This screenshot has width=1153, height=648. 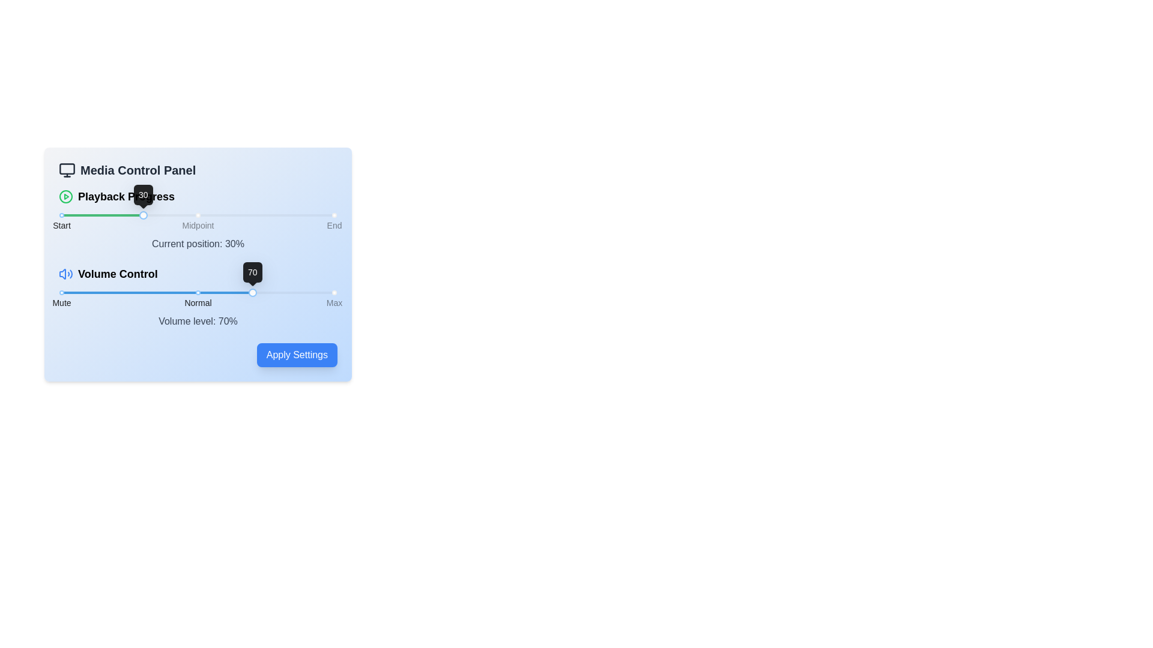 I want to click on the slider, so click(x=105, y=293).